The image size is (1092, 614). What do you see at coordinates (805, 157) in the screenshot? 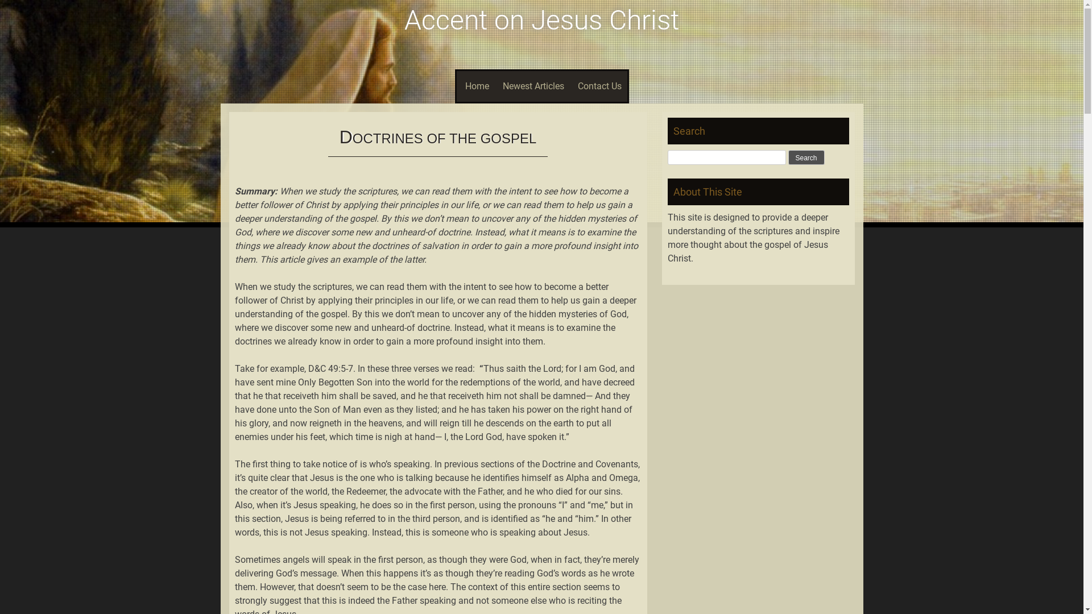
I see `'Search'` at bounding box center [805, 157].